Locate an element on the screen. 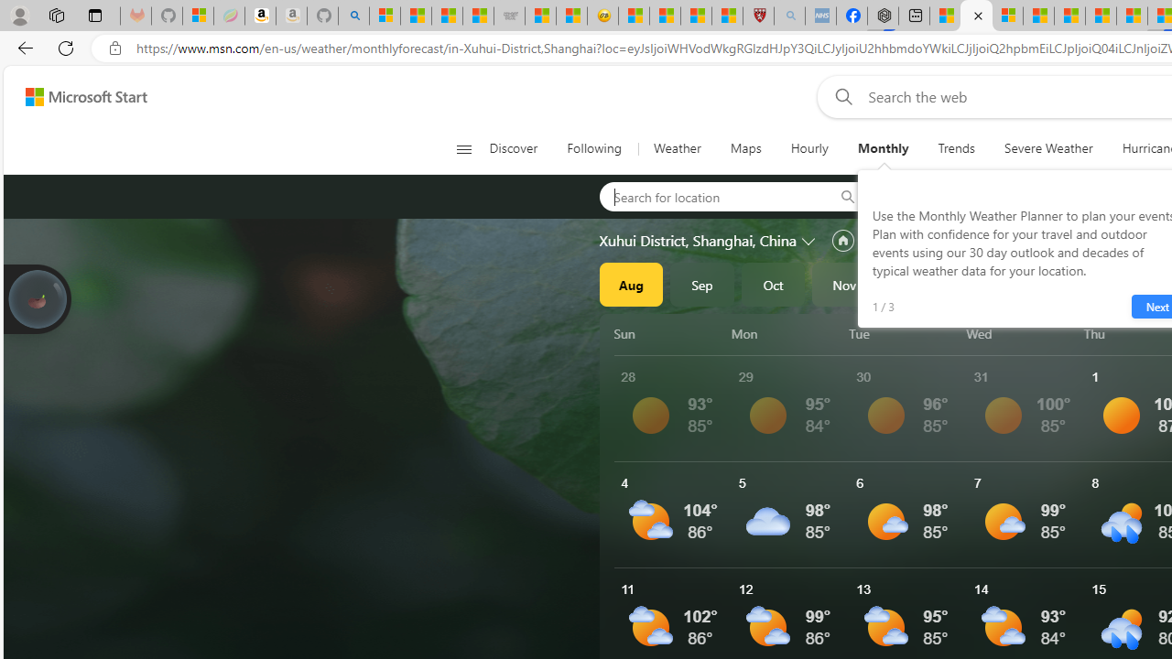 The width and height of the screenshot is (1172, 659). 'Aug' is located at coordinates (631, 285).